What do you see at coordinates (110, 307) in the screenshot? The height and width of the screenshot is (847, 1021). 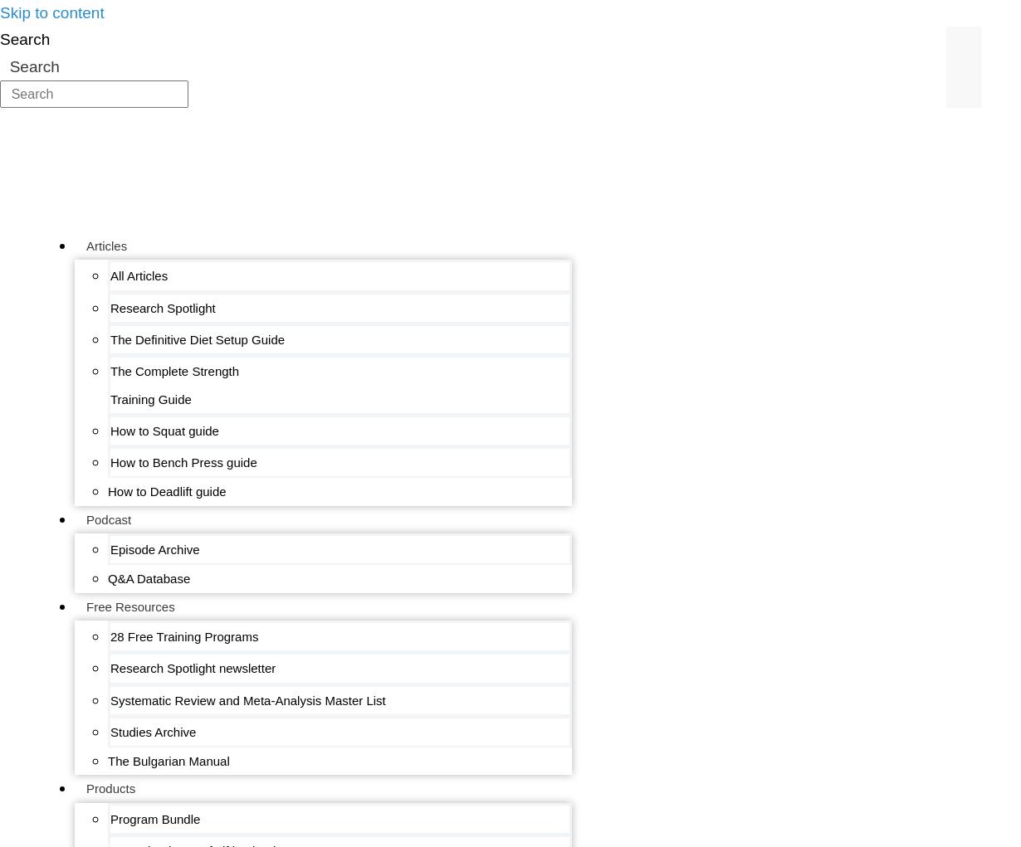 I see `'Research Spotlight'` at bounding box center [110, 307].